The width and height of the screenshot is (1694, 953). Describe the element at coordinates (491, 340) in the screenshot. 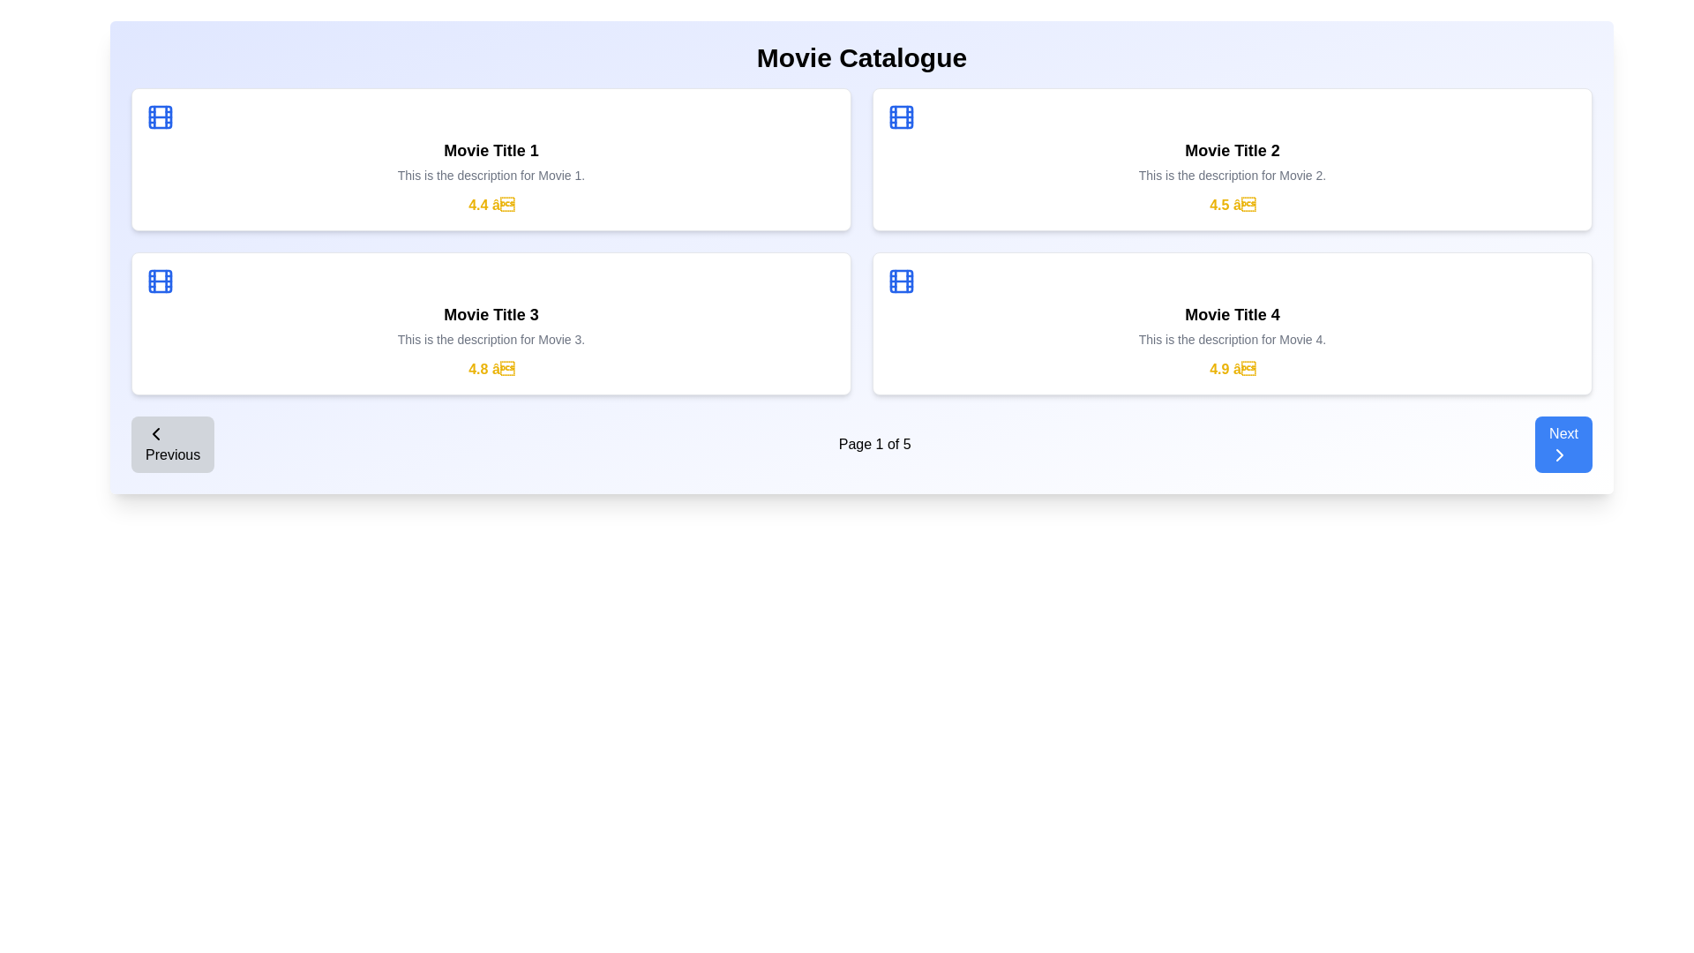

I see `descriptive text label for 'Movie 3', which is positioned below the title 'Movie Title 3' in the second card from the left in the bottom row of a four-card grid arrangement` at that location.